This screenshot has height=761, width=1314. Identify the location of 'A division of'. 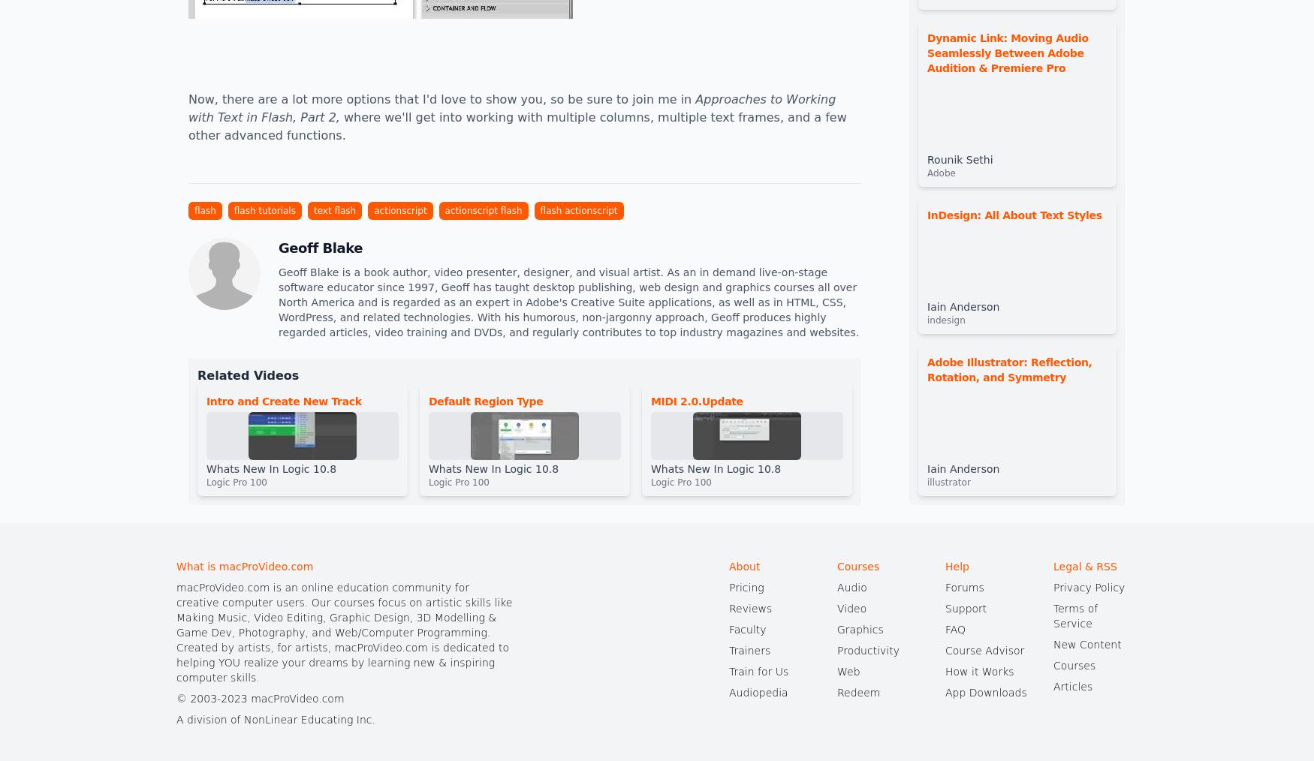
(209, 720).